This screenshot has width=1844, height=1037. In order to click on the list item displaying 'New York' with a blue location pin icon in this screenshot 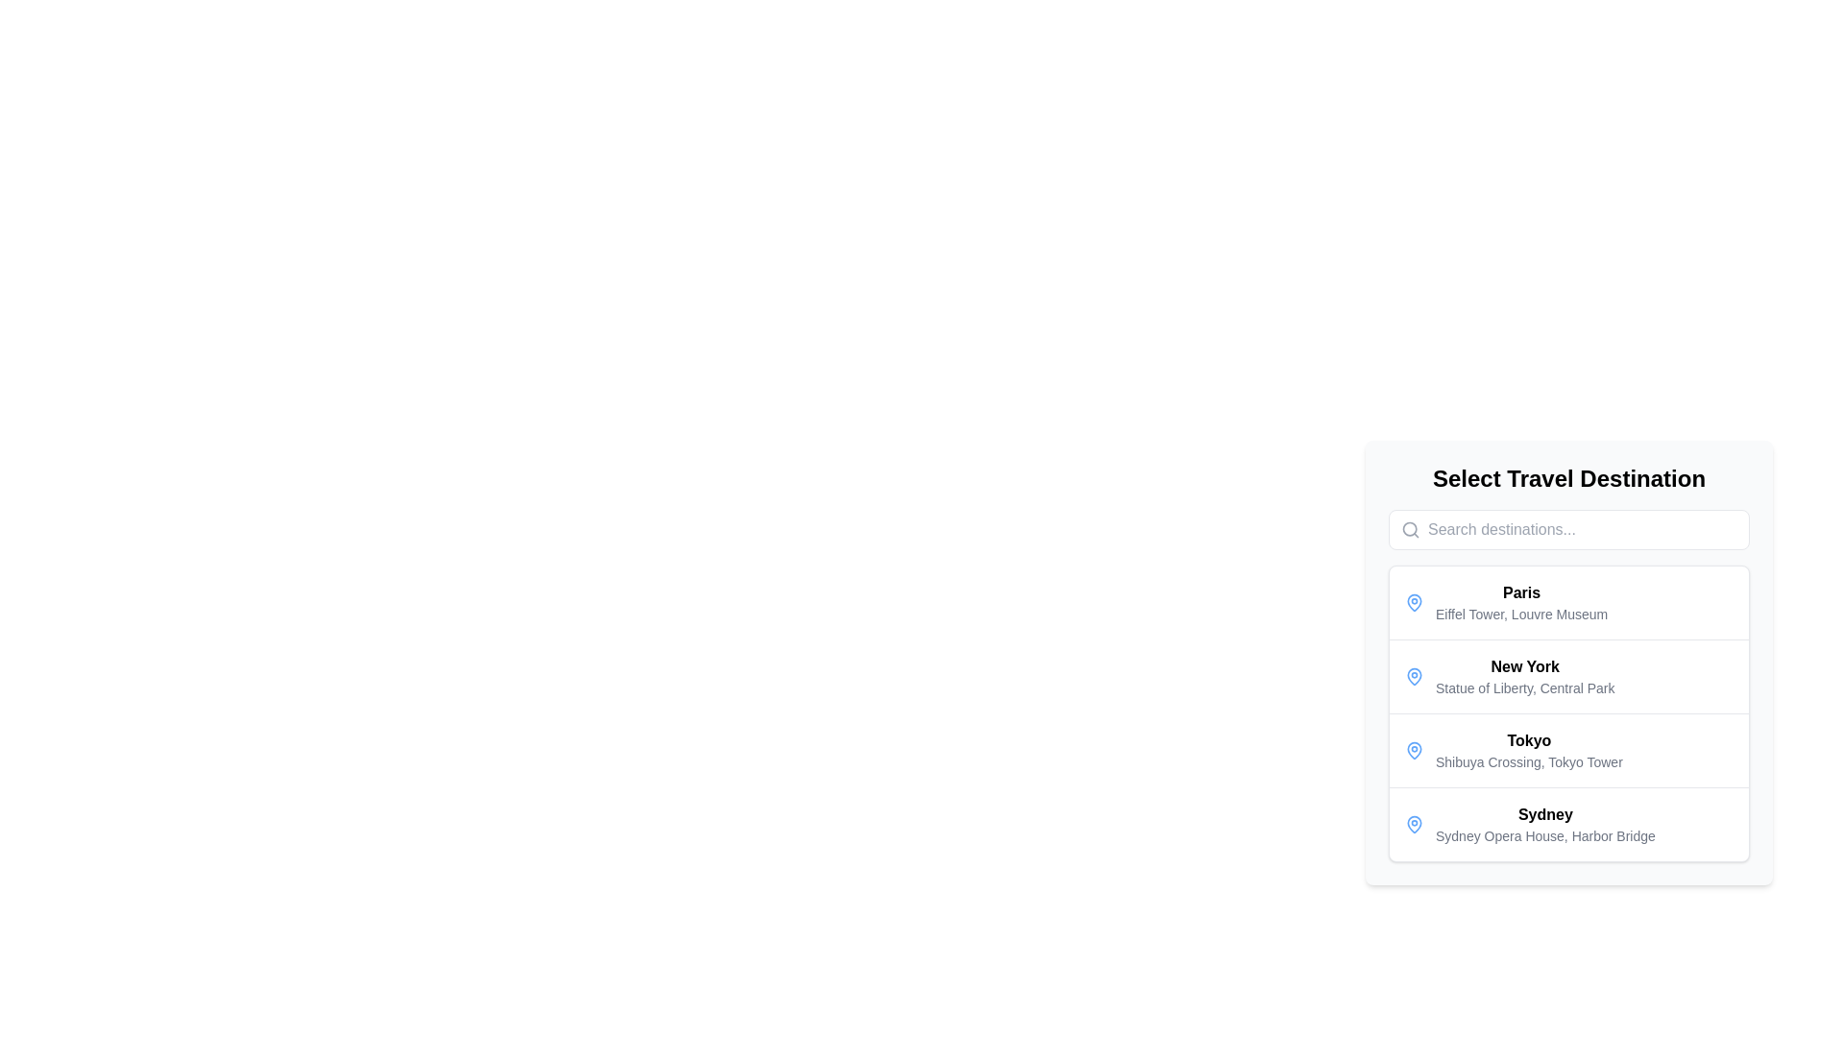, I will do `click(1568, 676)`.